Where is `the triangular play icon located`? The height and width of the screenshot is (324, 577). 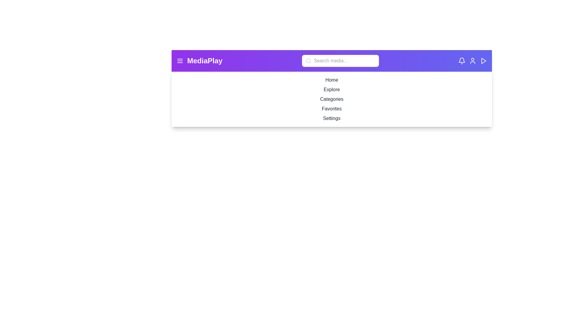
the triangular play icon located is located at coordinates (483, 61).